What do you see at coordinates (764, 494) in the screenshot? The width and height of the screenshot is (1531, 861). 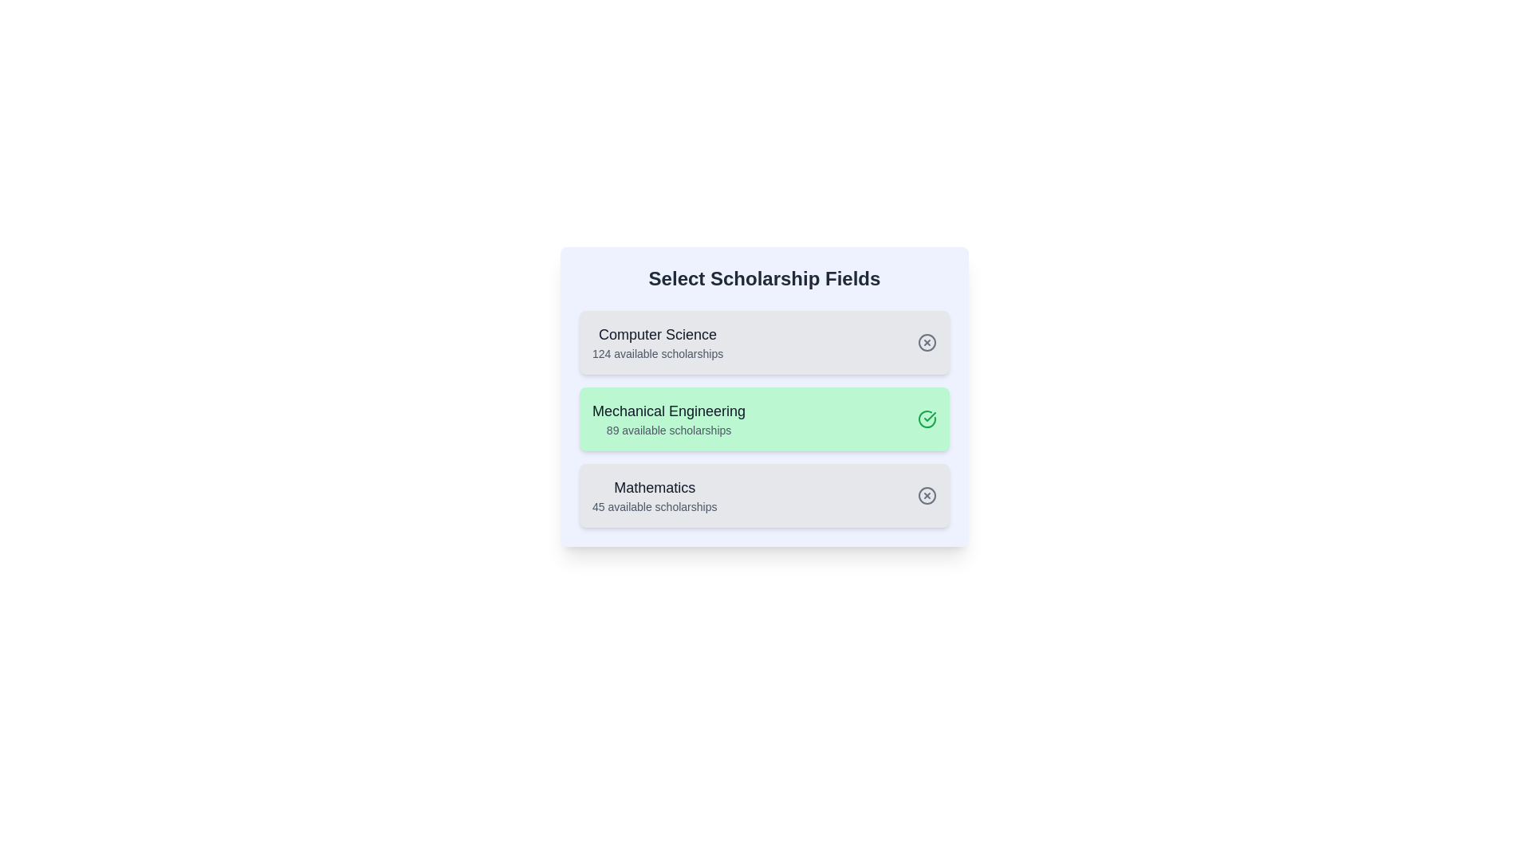 I see `the field card for Mathematics to preview its hover effect` at bounding box center [764, 494].